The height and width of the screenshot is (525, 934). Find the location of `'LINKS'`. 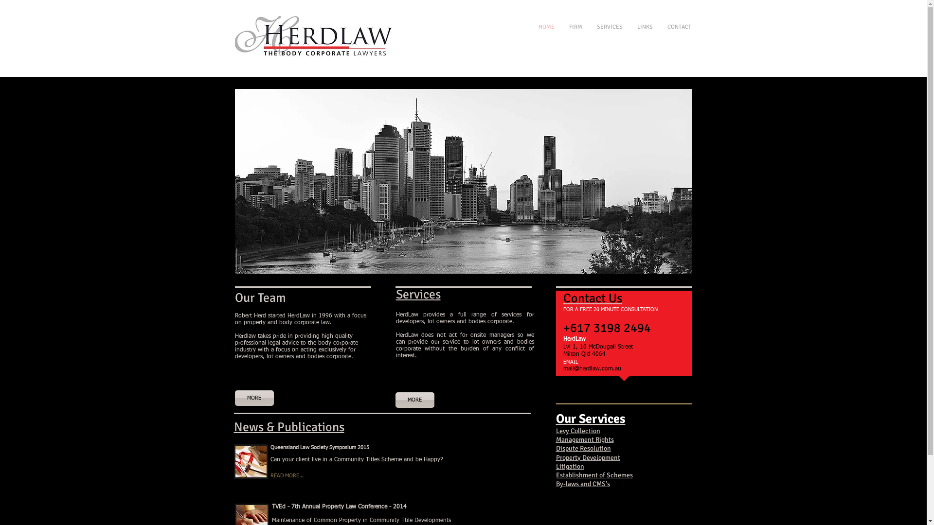

'LINKS' is located at coordinates (665, 27).